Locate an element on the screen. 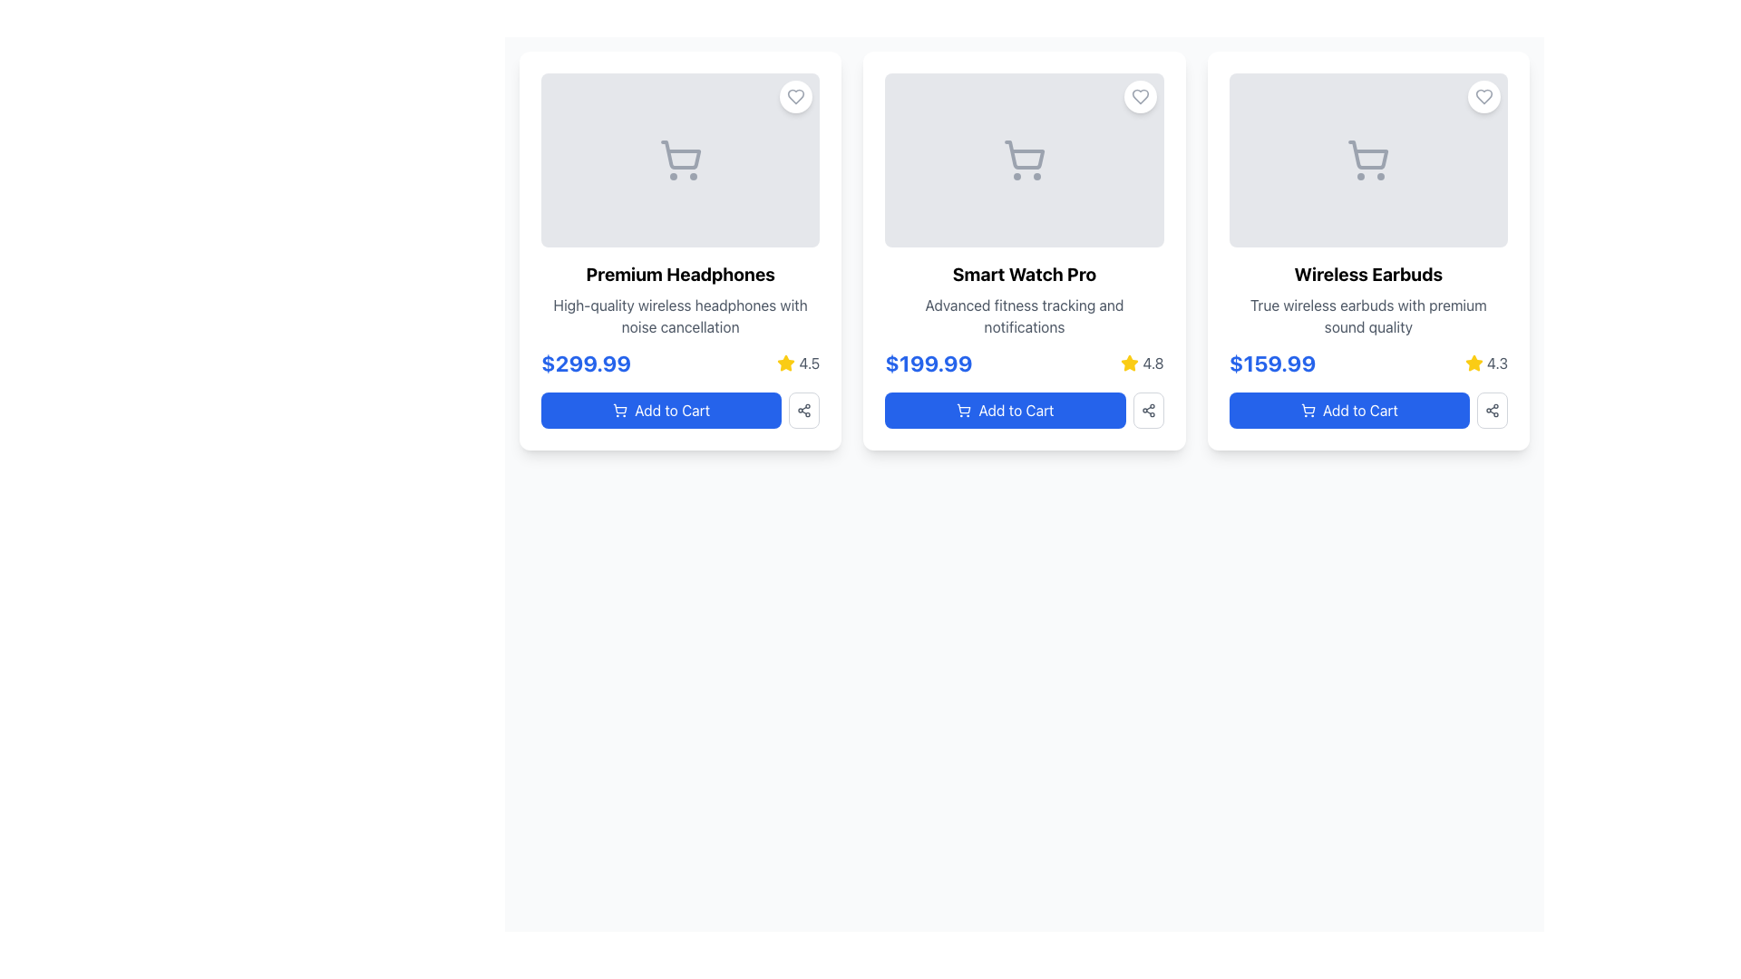  the shopping cart icon within the 'Add to Cart' button of the second product card, which is characterized by a minimalist design and blue color is located at coordinates (963, 410).